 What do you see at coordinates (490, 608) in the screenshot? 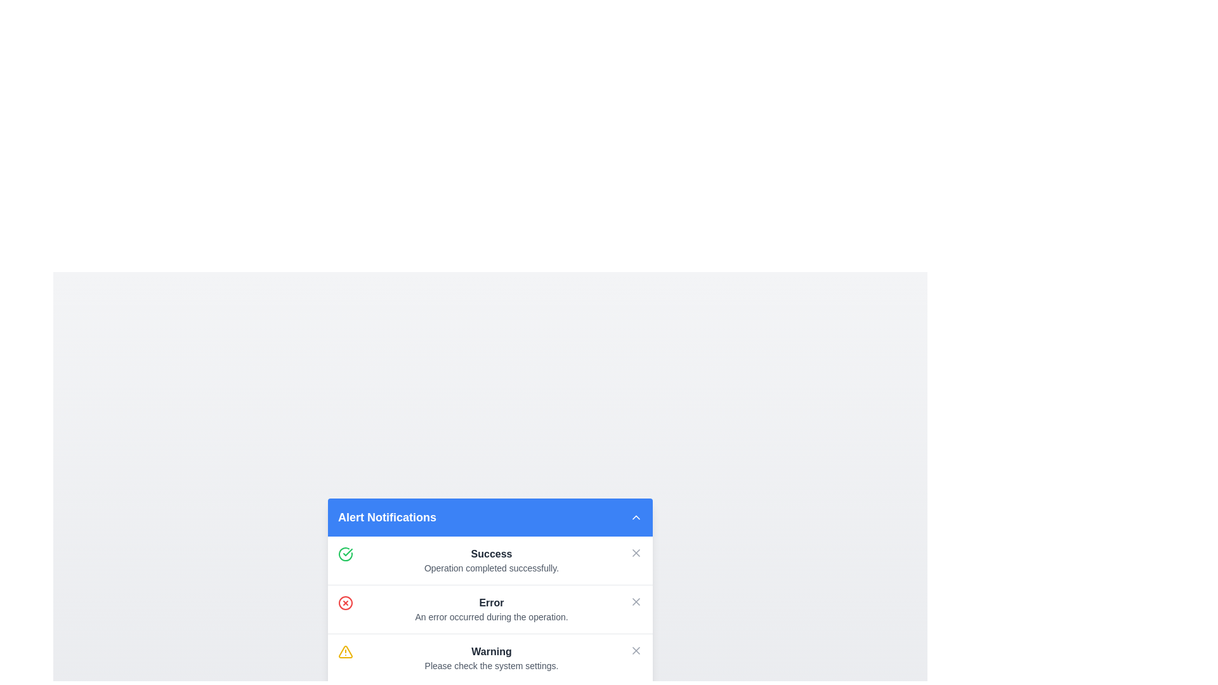
I see `error message displayed in the second notification block from the top in the 'Alert Notifications' panel, located between the 'Success' and 'Warning' notifications` at bounding box center [490, 608].